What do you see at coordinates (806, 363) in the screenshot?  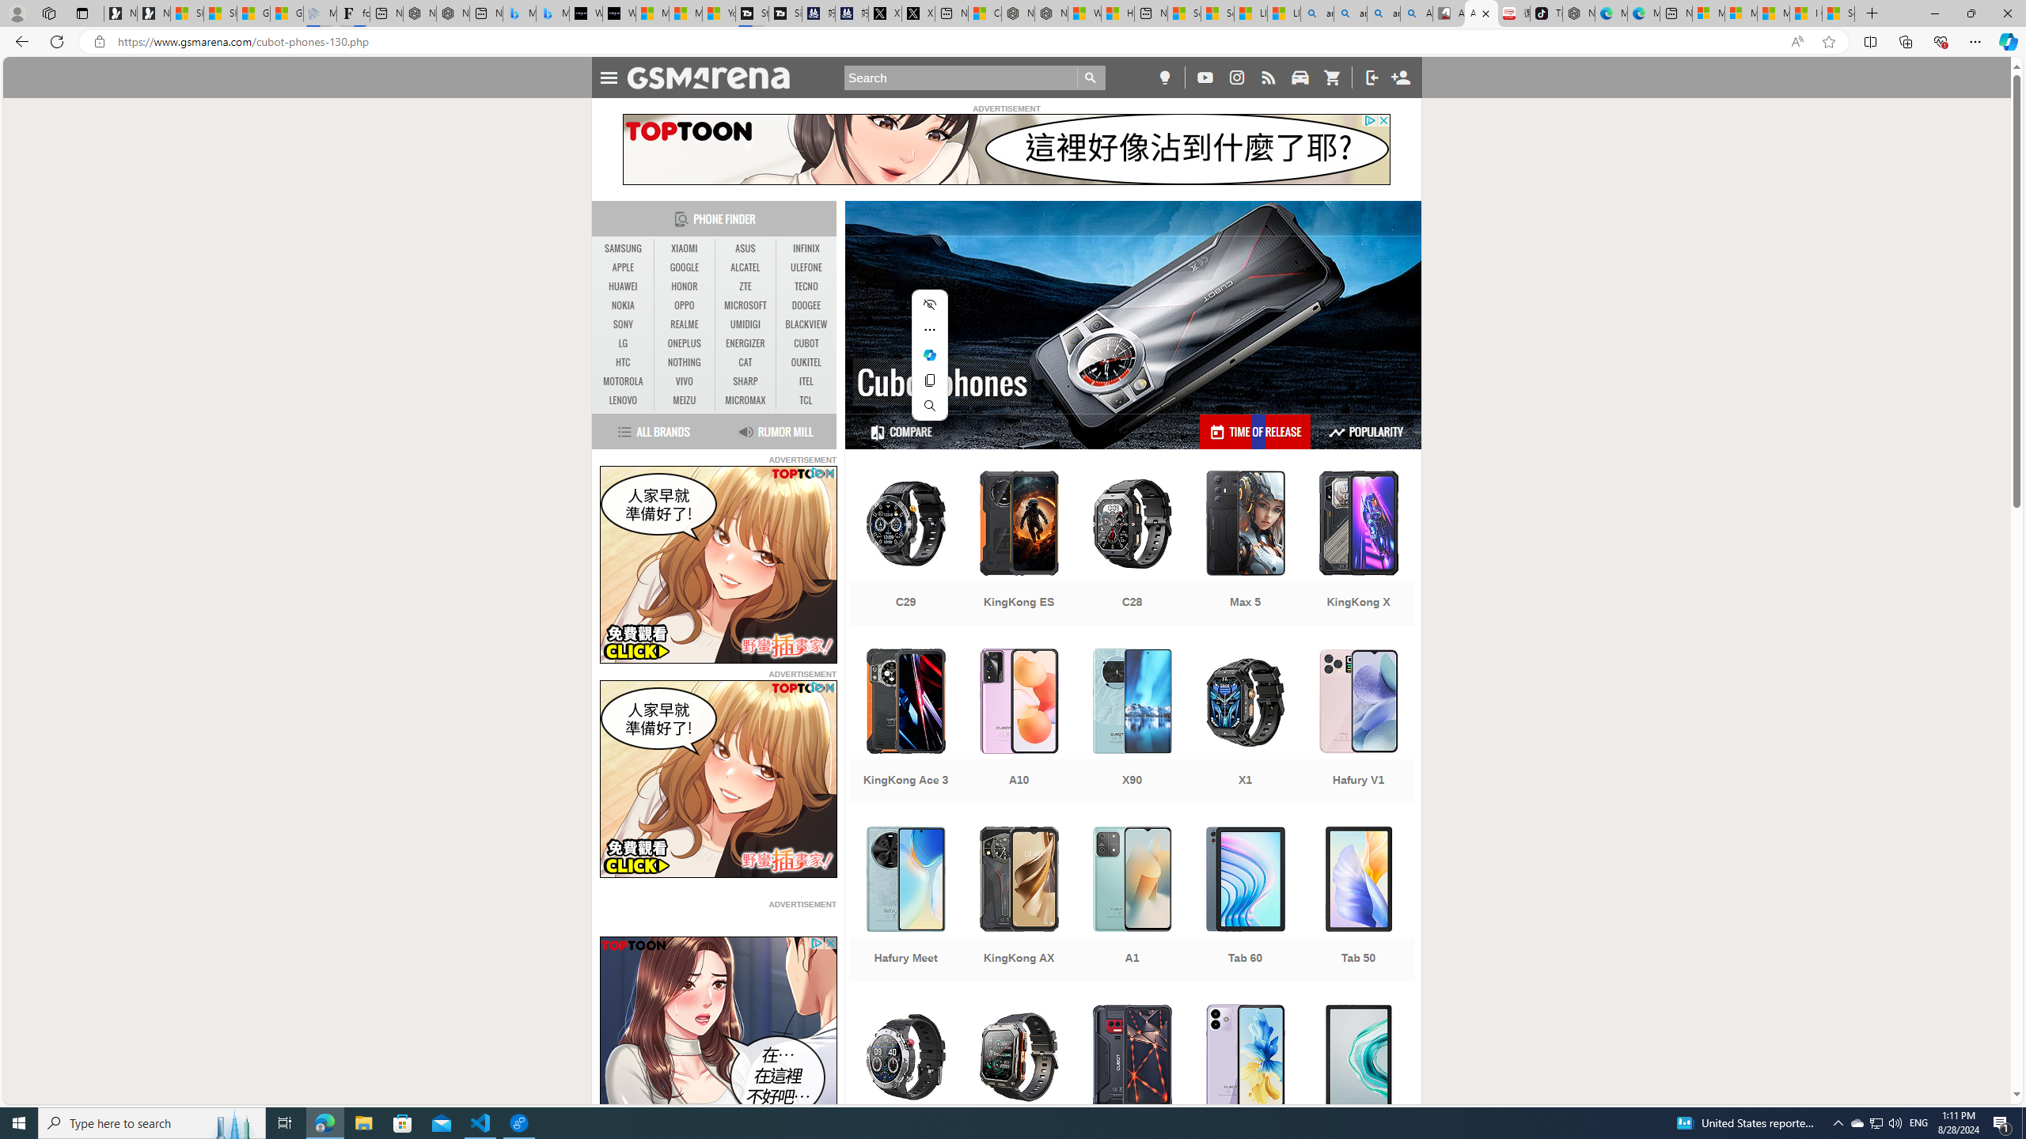 I see `'OUKITEL'` at bounding box center [806, 363].